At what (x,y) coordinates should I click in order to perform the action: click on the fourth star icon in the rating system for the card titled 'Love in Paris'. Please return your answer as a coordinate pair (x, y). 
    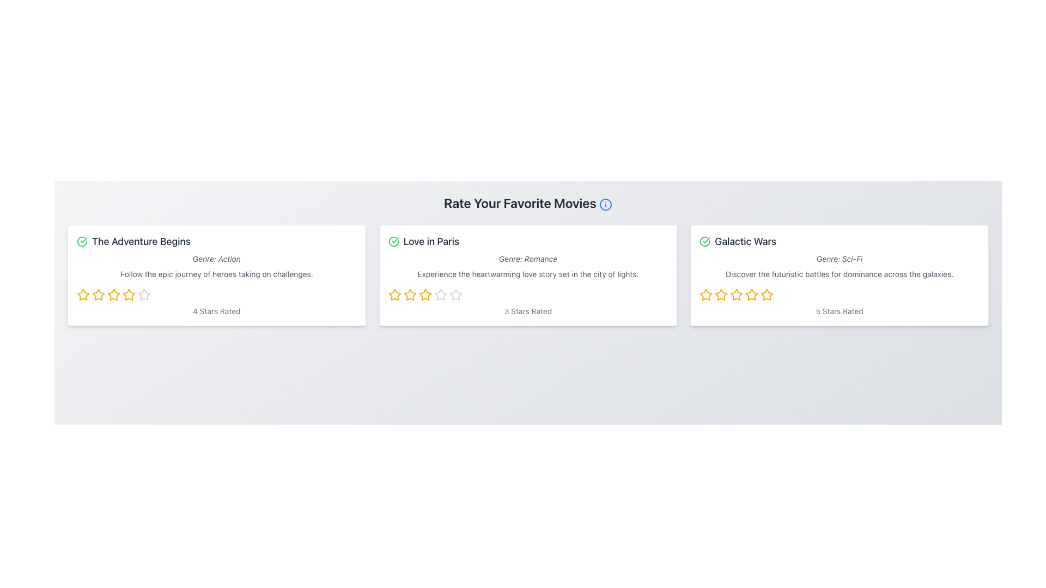
    Looking at the image, I should click on (440, 295).